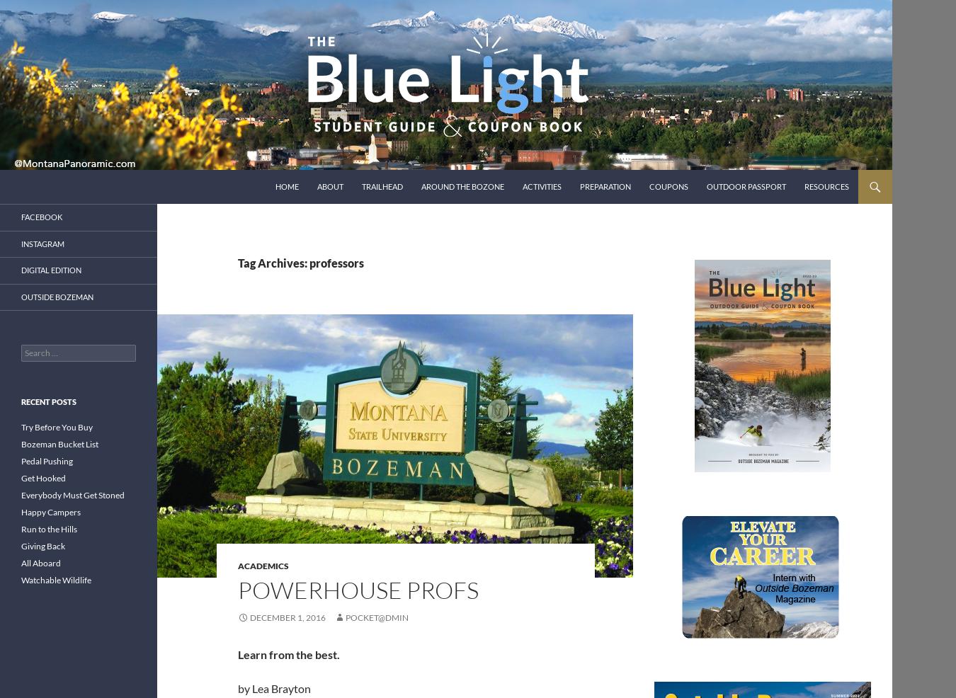  Describe the element at coordinates (668, 186) in the screenshot. I see `'Coupons'` at that location.